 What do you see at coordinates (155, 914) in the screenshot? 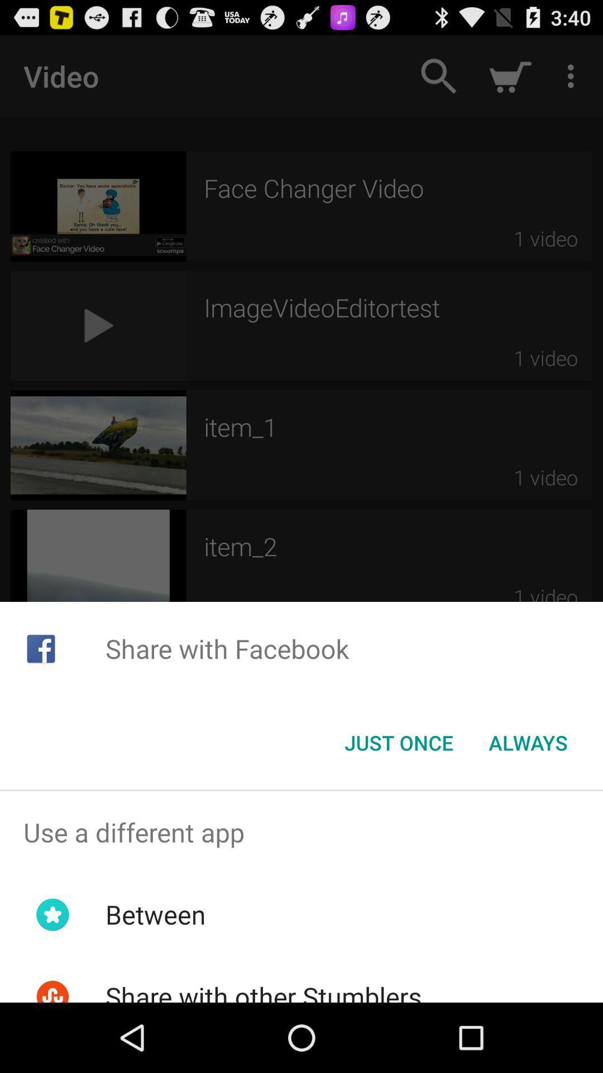
I see `between app` at bounding box center [155, 914].